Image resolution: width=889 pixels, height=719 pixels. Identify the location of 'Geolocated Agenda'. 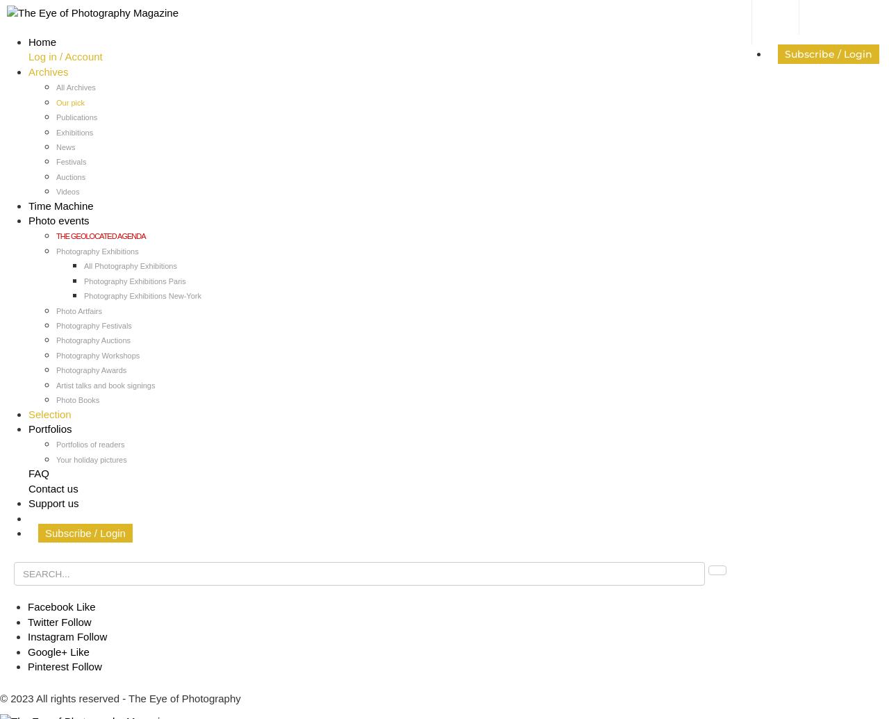
(73, 517).